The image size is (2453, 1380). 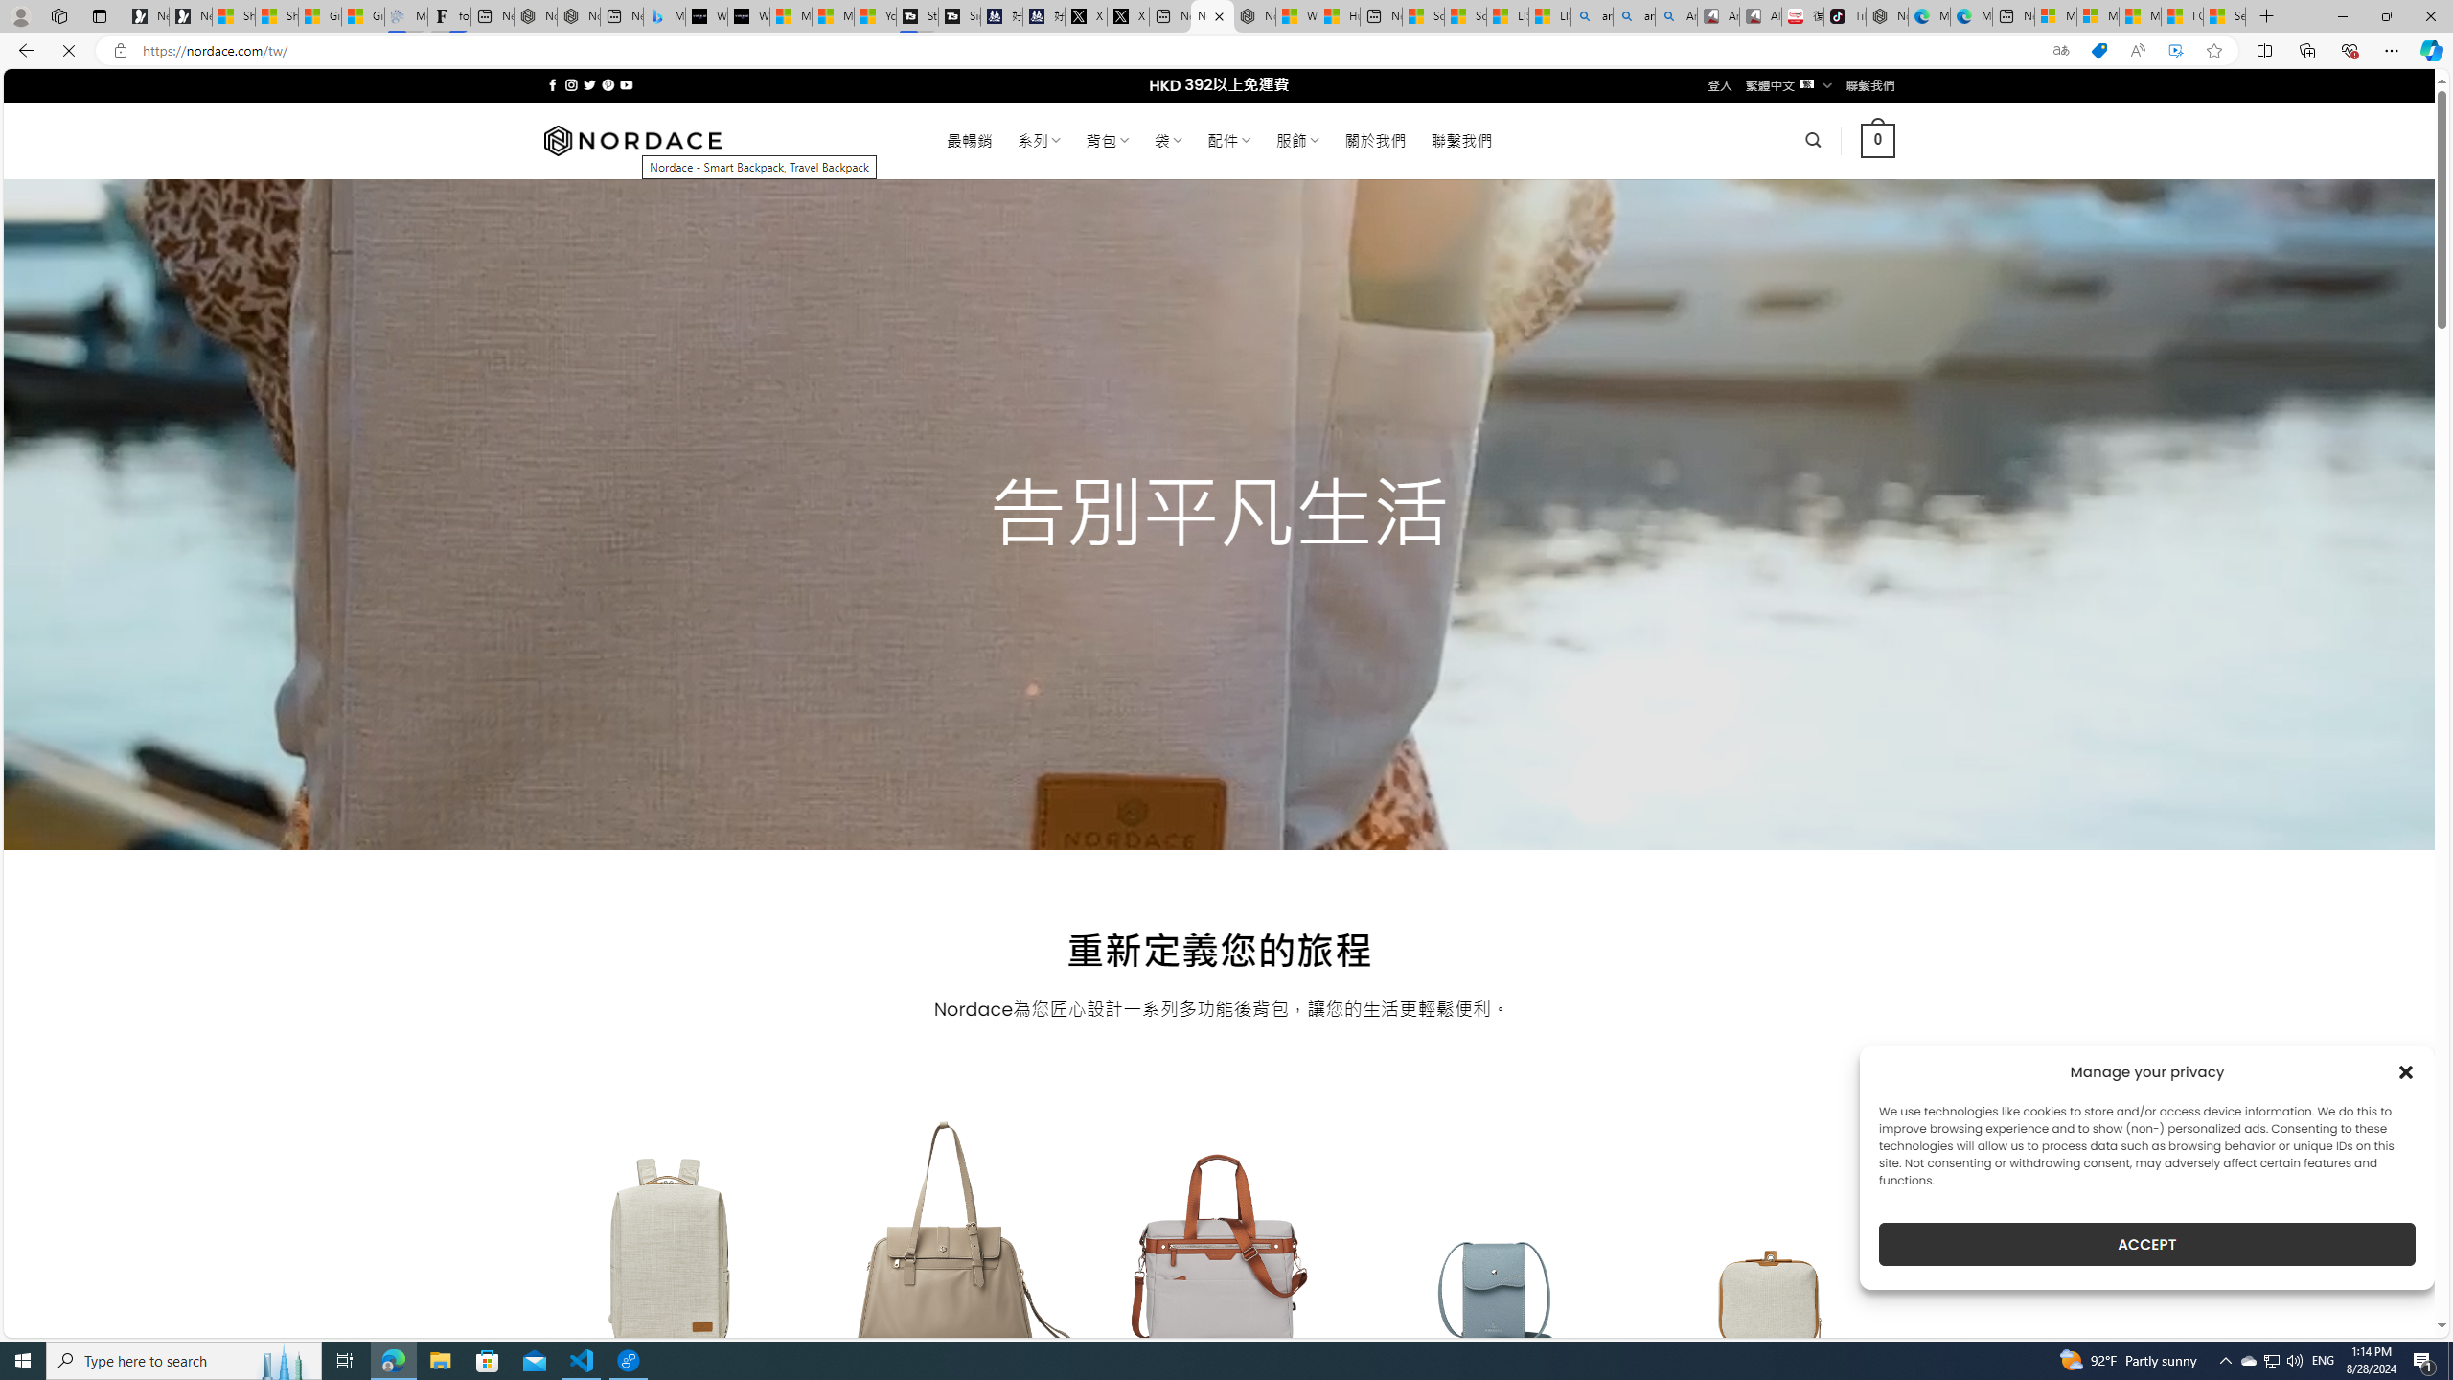 What do you see at coordinates (277, 15) in the screenshot?
I see `'Shanghai, China weather forecast | Microsoft Weather'` at bounding box center [277, 15].